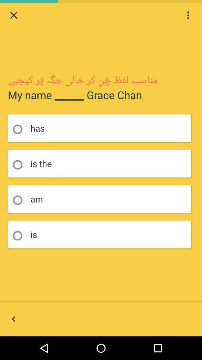 Image resolution: width=202 pixels, height=360 pixels. Describe the element at coordinates (188, 15) in the screenshot. I see `for options` at that location.